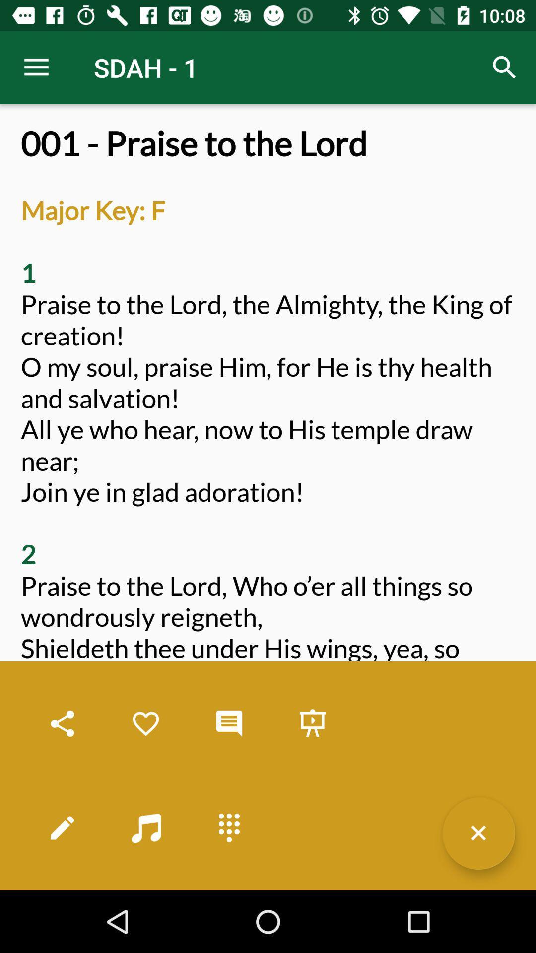  What do you see at coordinates (478, 833) in the screenshot?
I see `go back` at bounding box center [478, 833].